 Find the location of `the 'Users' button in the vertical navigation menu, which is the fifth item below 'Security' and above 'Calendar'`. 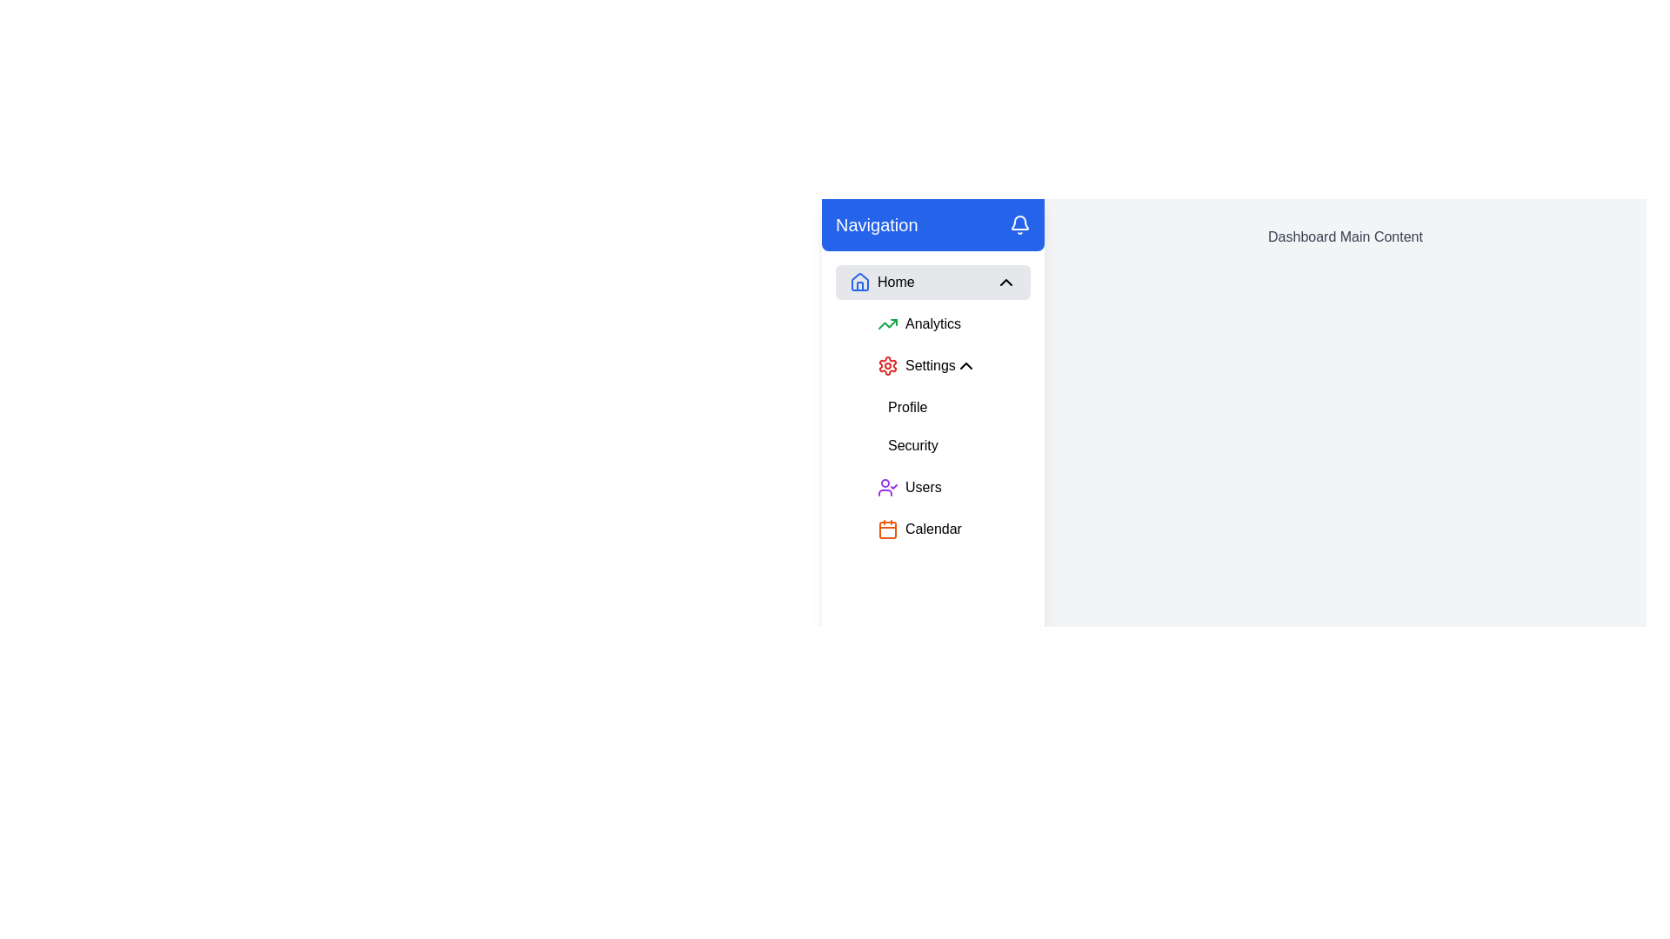

the 'Users' button in the vertical navigation menu, which is the fifth item below 'Security' and above 'Calendar' is located at coordinates (908, 487).